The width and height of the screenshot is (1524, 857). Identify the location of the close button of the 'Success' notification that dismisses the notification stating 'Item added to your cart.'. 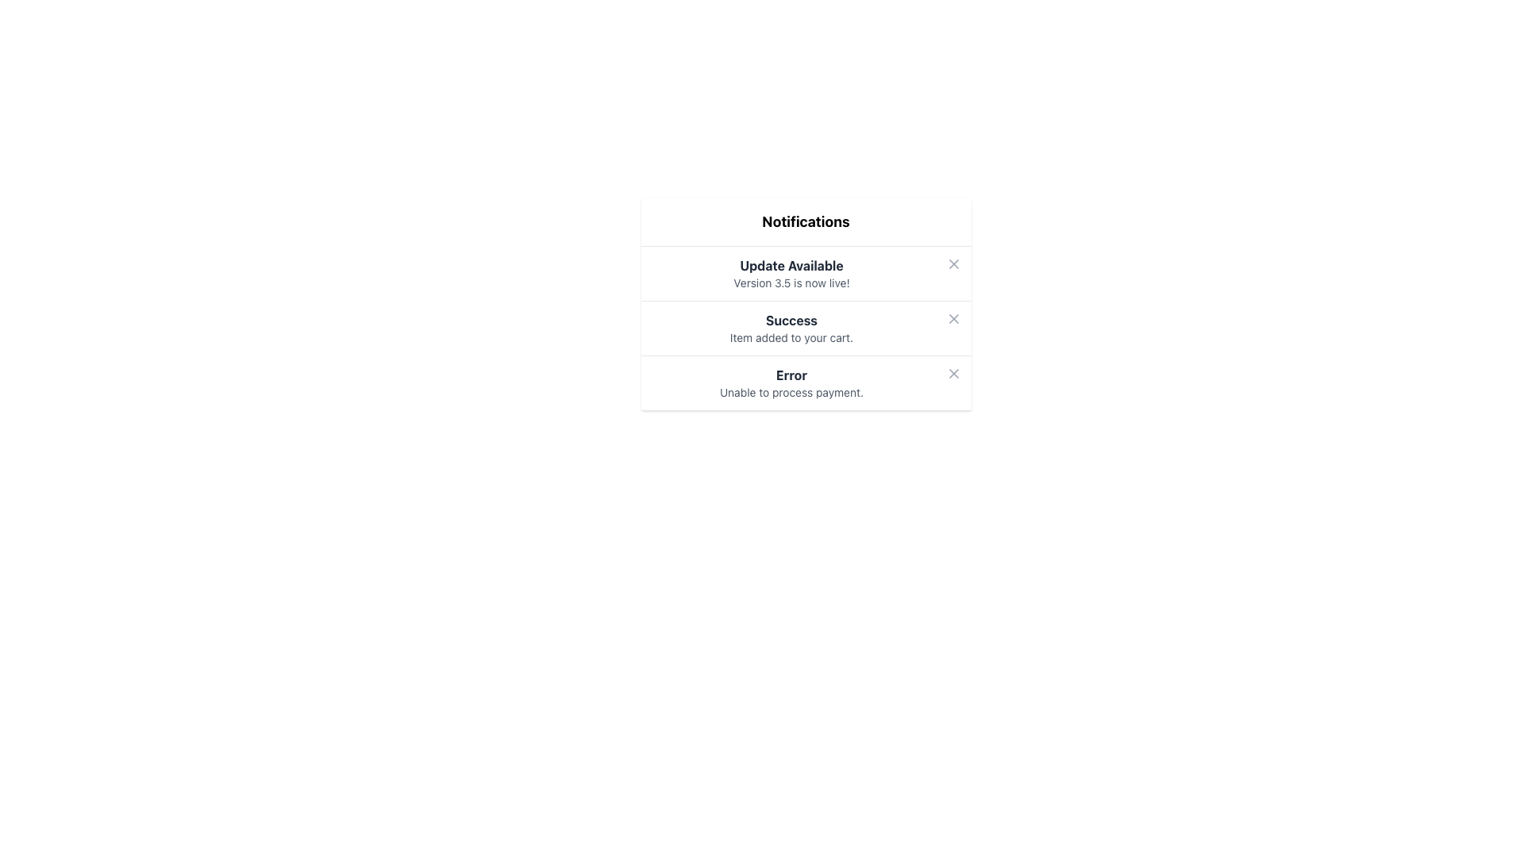
(952, 318).